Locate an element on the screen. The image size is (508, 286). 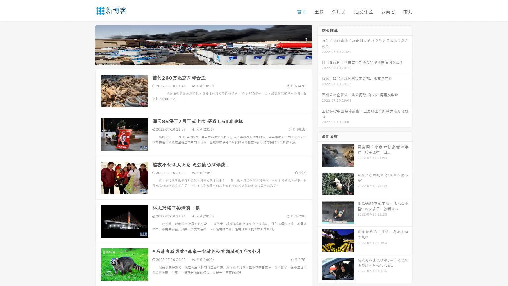
Previous slide is located at coordinates (87, 44).